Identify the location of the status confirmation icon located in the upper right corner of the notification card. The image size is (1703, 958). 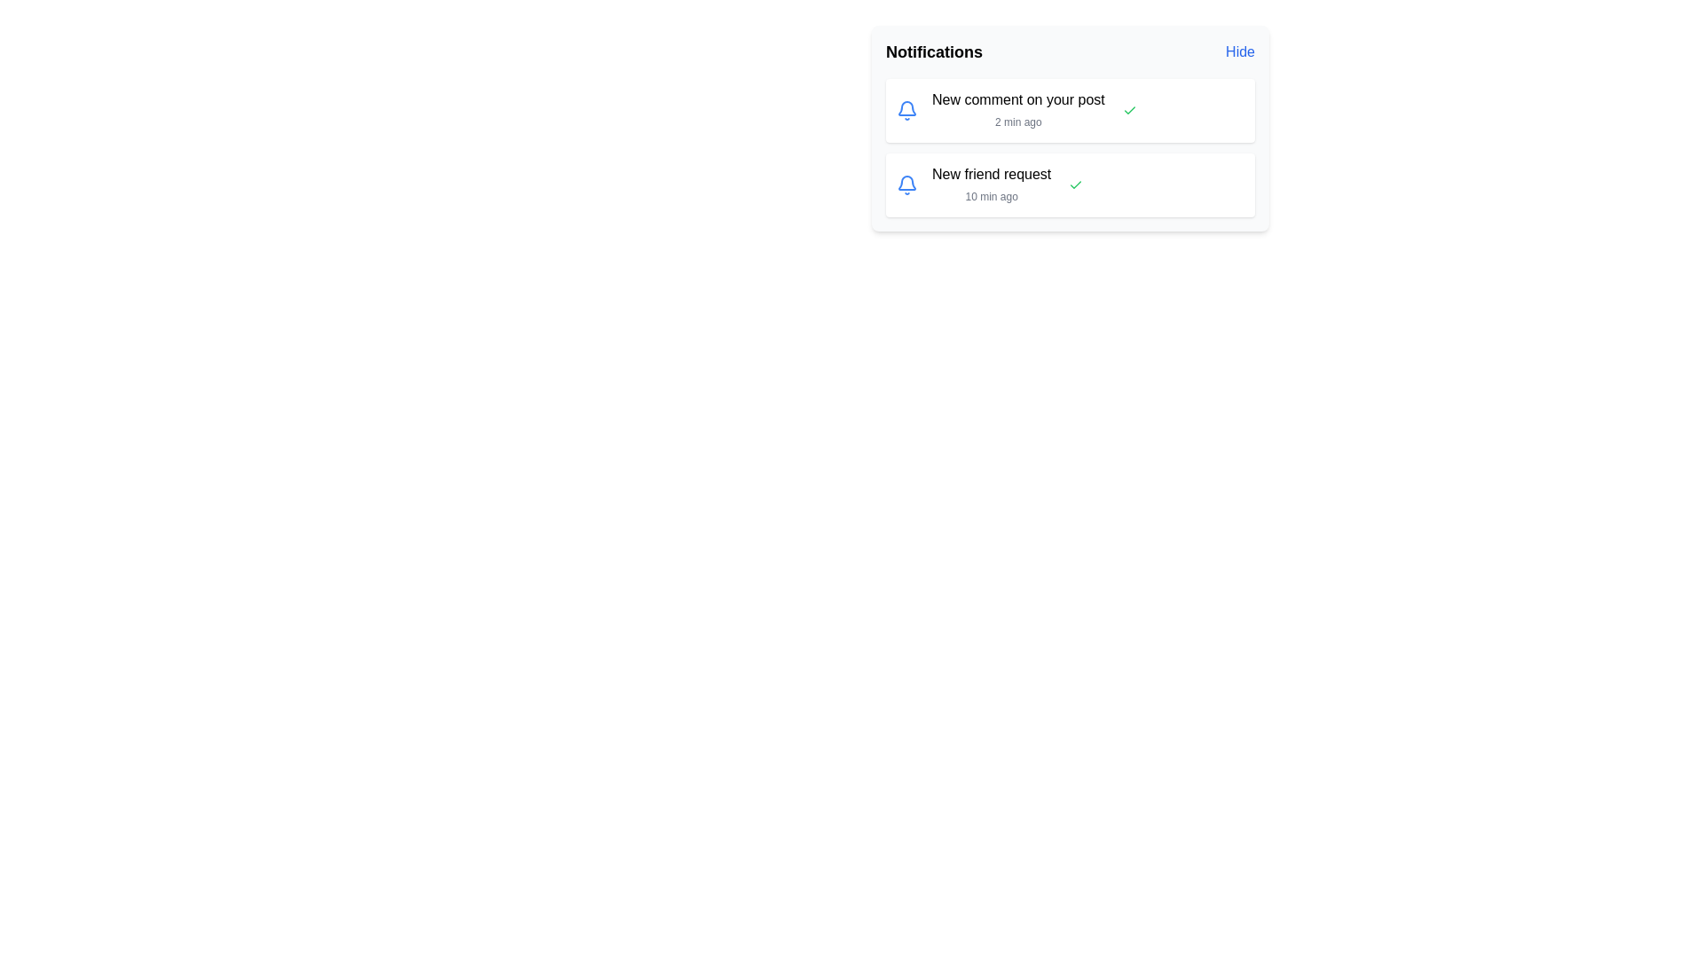
(1075, 185).